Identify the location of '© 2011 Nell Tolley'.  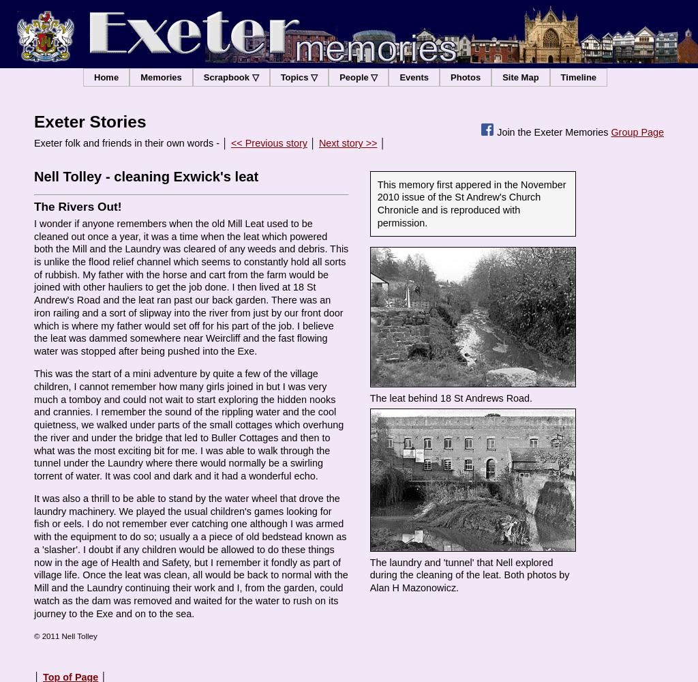
(33, 636).